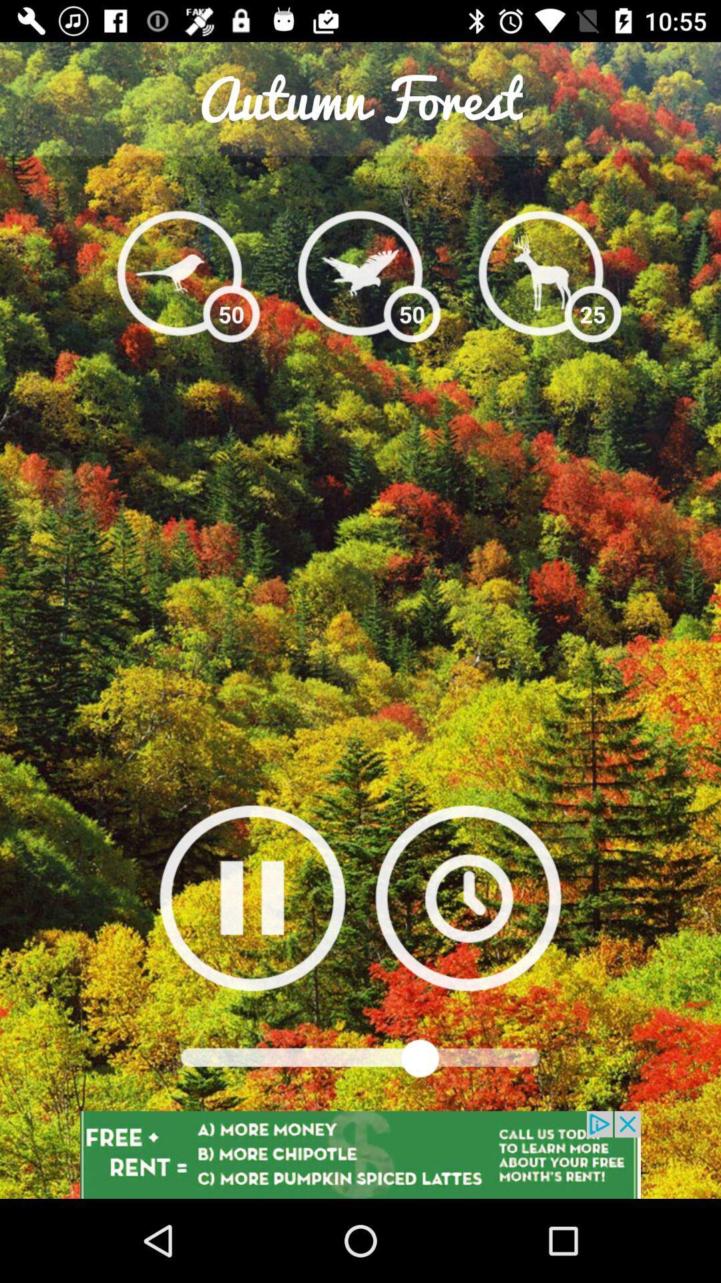 The width and height of the screenshot is (721, 1283). What do you see at coordinates (252, 897) in the screenshot?
I see `pause sounds` at bounding box center [252, 897].